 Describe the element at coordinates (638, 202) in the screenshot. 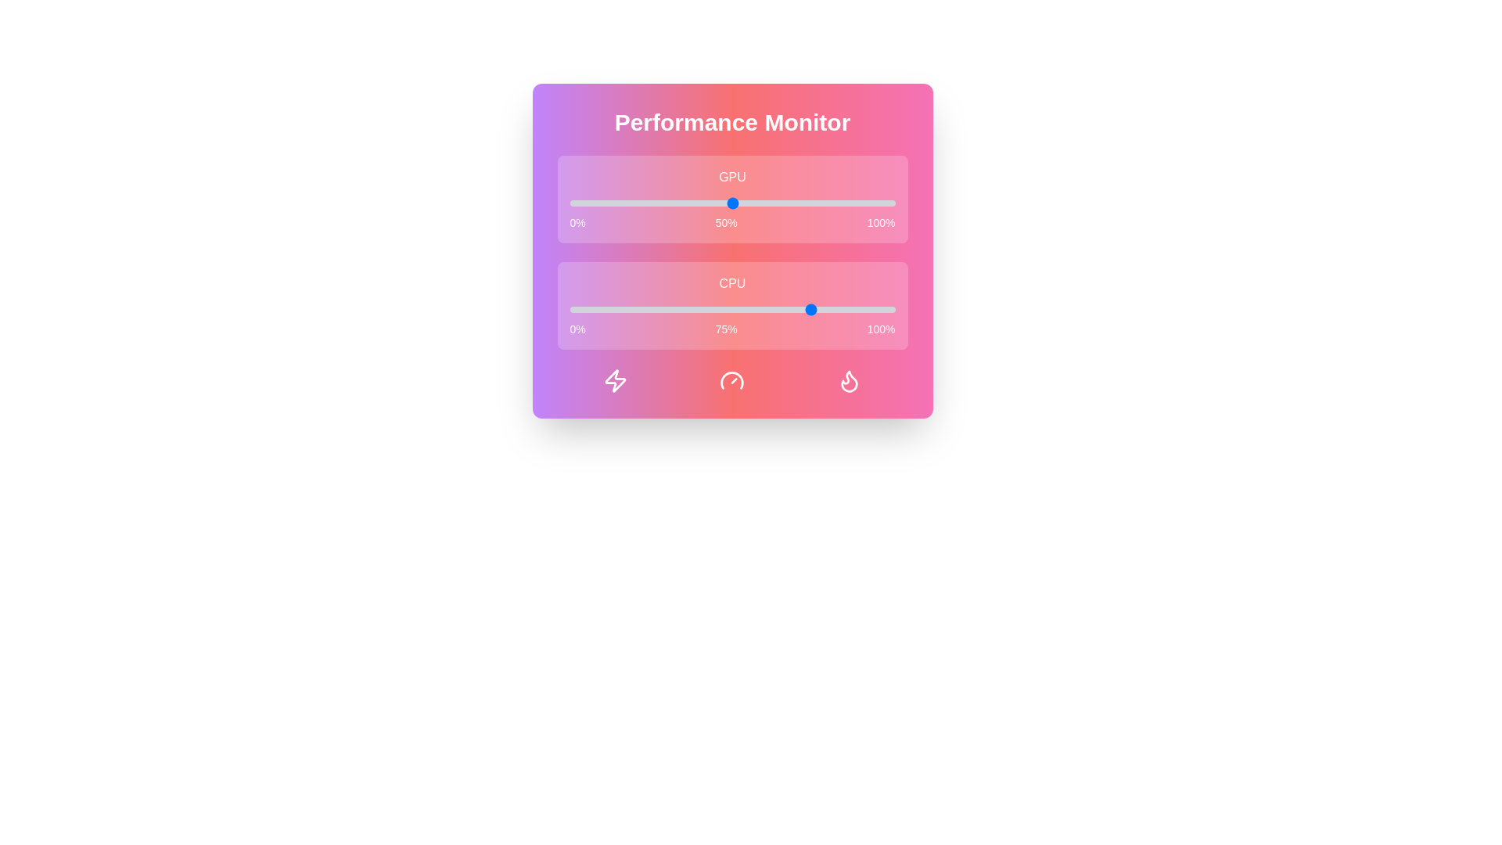

I see `the GPU performance slider to 21%` at that location.